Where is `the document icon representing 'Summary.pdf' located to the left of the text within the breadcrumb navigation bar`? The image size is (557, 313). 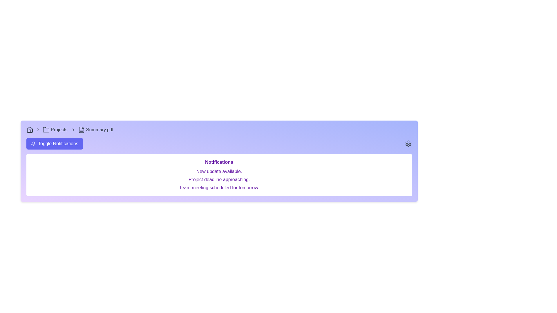 the document icon representing 'Summary.pdf' located to the left of the text within the breadcrumb navigation bar is located at coordinates (81, 129).